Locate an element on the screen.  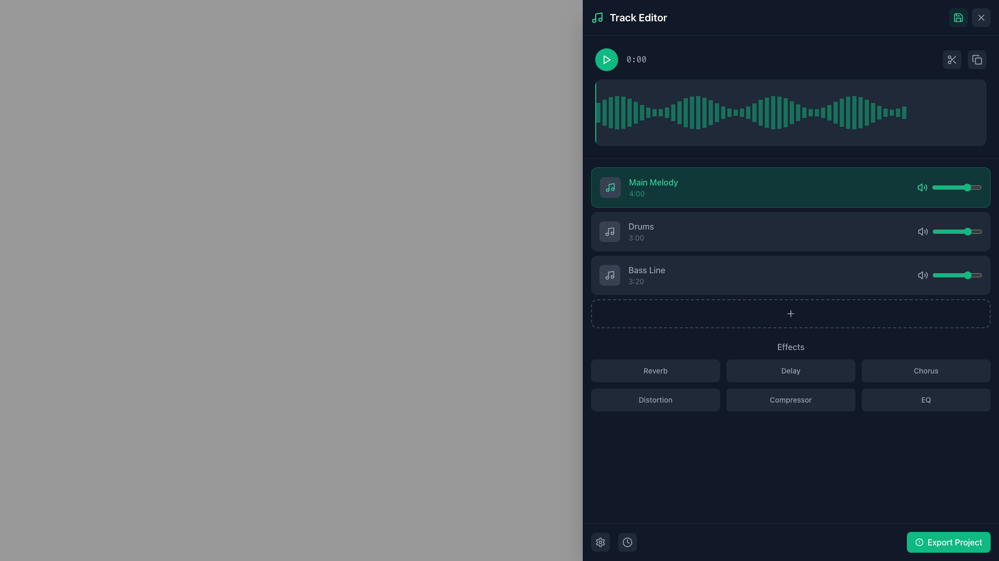
the thirty-fourth vertical Waveform bar, which is a narrow rectangular bar with a semi-transparent emerald green fill within the waveform visualization area is located at coordinates (803, 112).